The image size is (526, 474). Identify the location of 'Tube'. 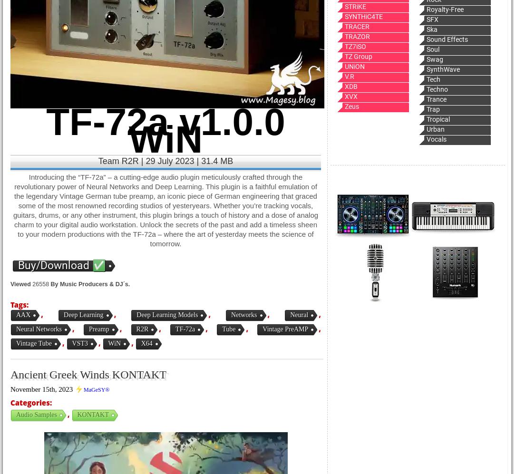
(228, 329).